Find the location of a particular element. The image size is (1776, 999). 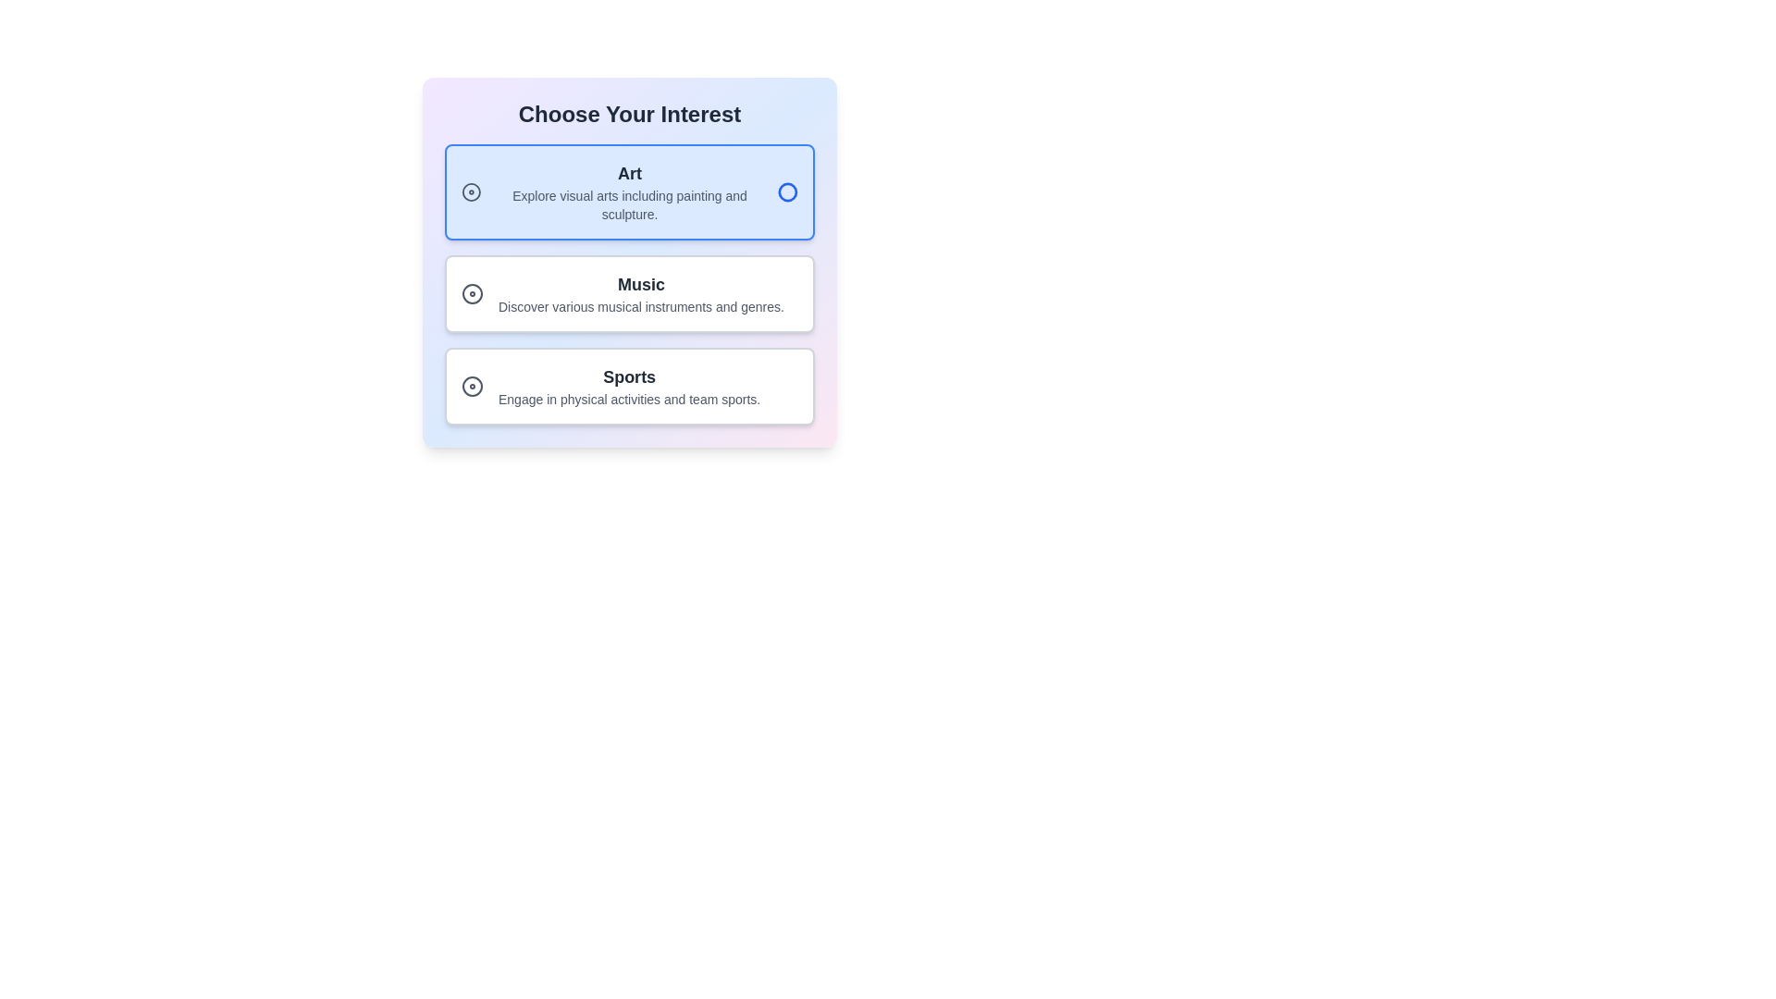

the highlighted text block within the 'Sports' interest category is located at coordinates (629, 385).